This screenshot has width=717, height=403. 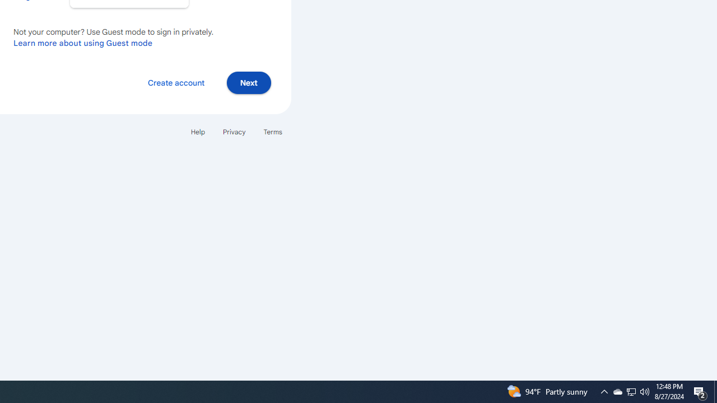 I want to click on 'Create account', so click(x=175, y=82).